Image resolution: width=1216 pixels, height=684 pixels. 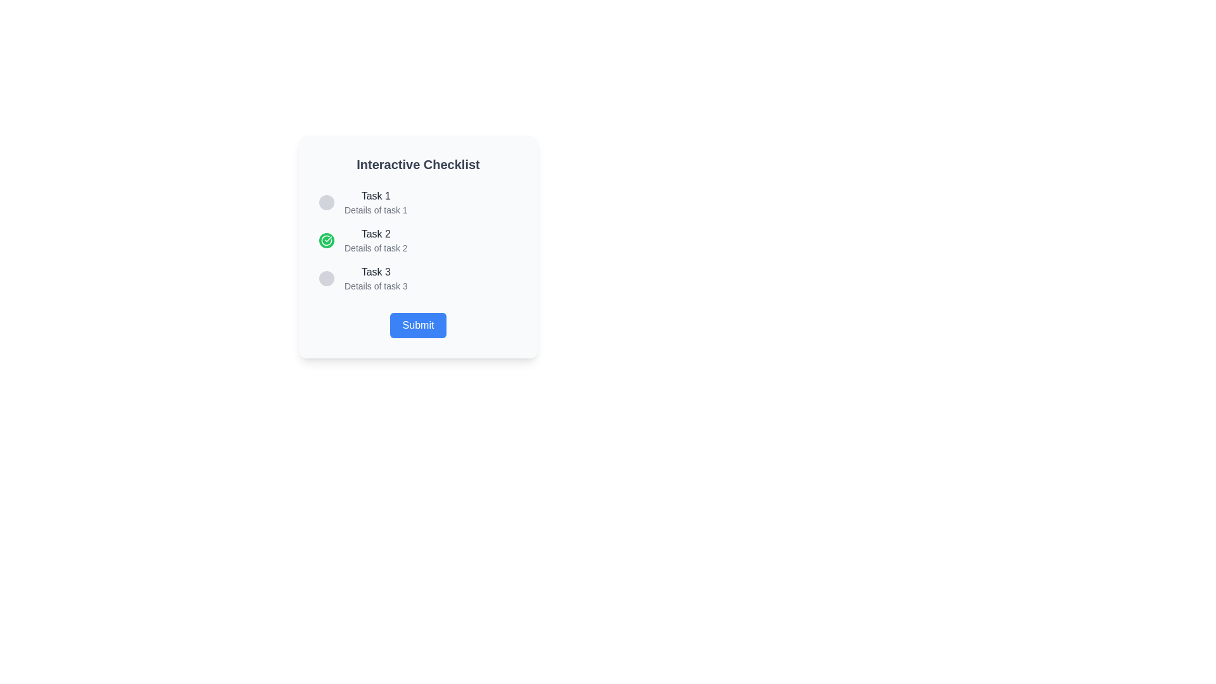 What do you see at coordinates (418, 163) in the screenshot?
I see `the 'Interactive Checklist' text label which is bold, large-sized, and dark gray, located at the top of its section card with rounded corners` at bounding box center [418, 163].